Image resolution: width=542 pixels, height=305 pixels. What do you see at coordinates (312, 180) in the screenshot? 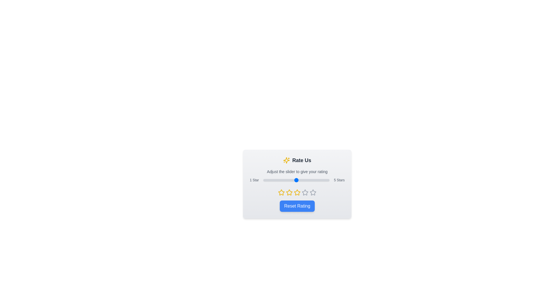
I see `the star rating slider to 4 stars` at bounding box center [312, 180].